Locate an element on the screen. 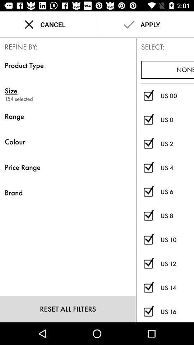  us 10 checkbox is located at coordinates (148, 240).